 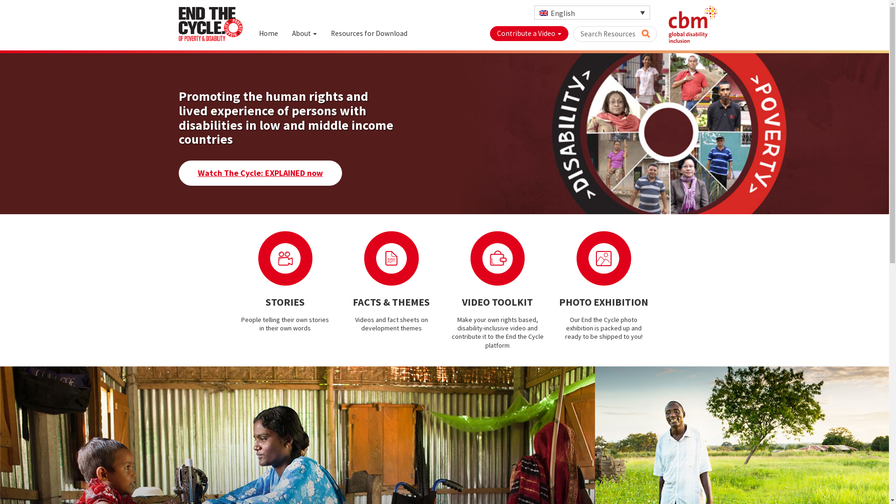 I want to click on 'Contribute a Video', so click(x=529, y=33).